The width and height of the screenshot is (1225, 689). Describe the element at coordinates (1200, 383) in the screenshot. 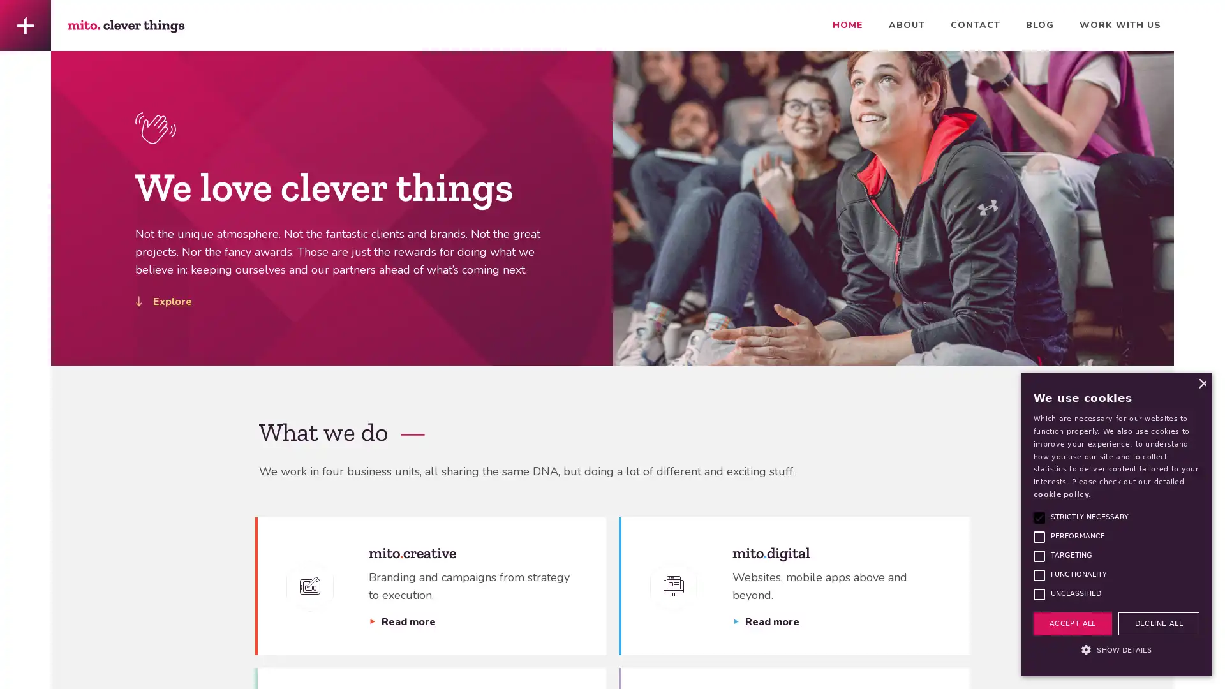

I see `Close` at that location.